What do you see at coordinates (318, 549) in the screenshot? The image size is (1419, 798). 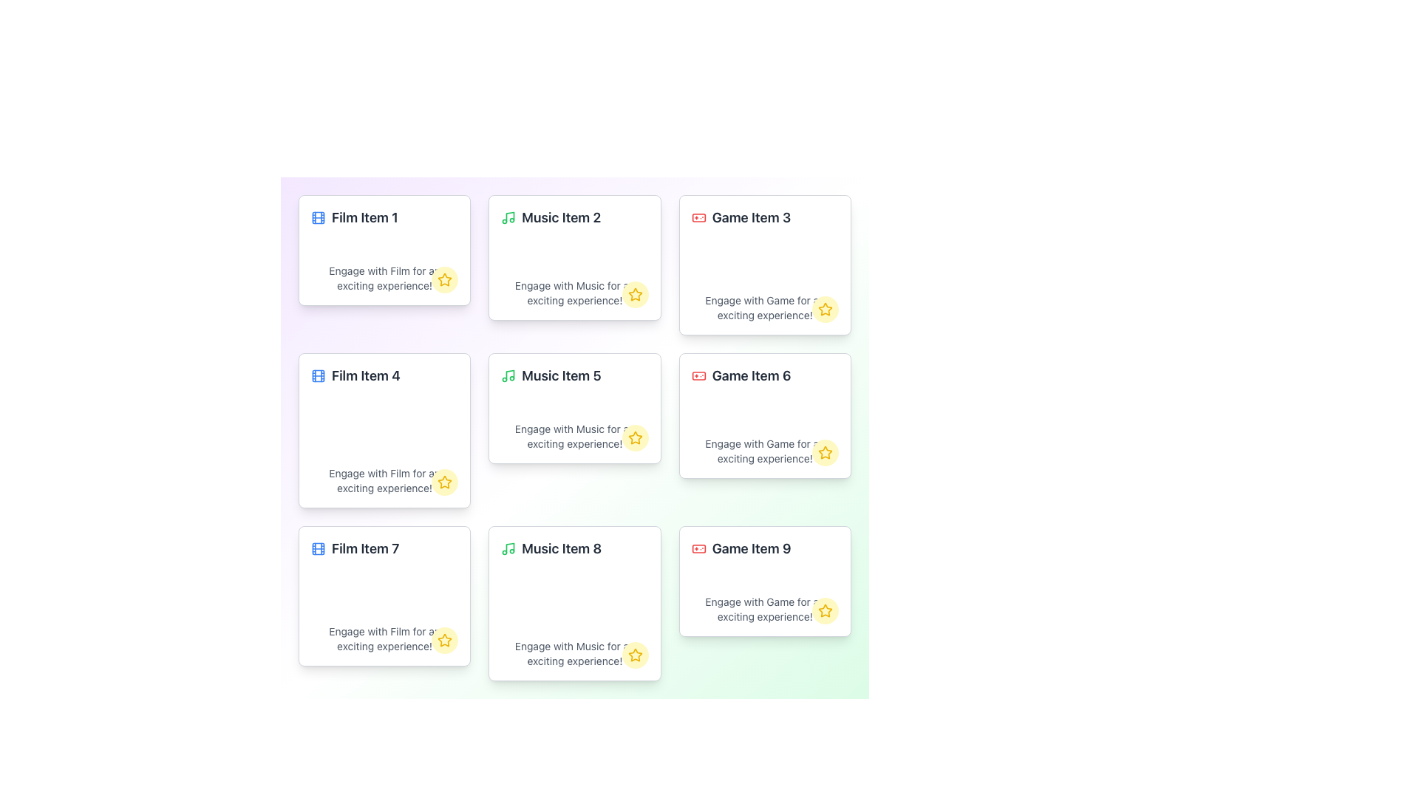 I see `the blue film strip icon located at the top left corner of the 'Film Item 7' card` at bounding box center [318, 549].